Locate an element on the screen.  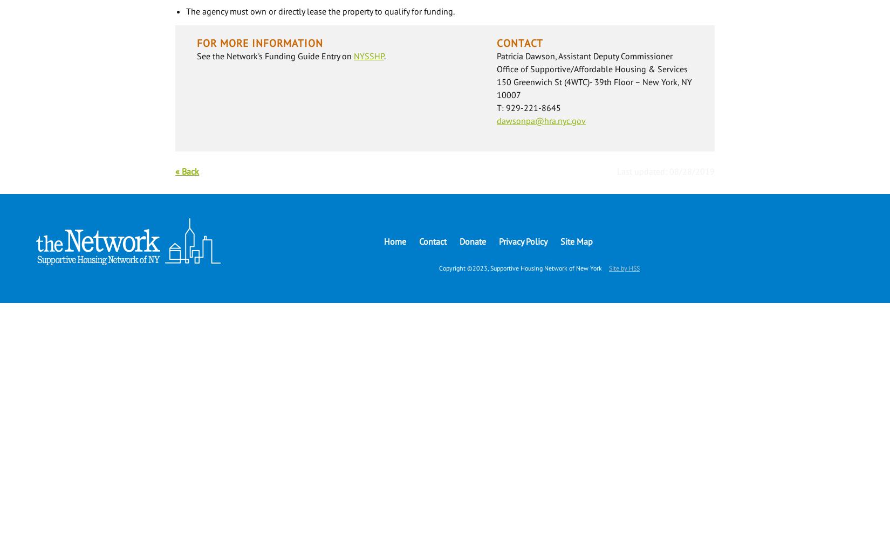
'.' is located at coordinates (384, 56).